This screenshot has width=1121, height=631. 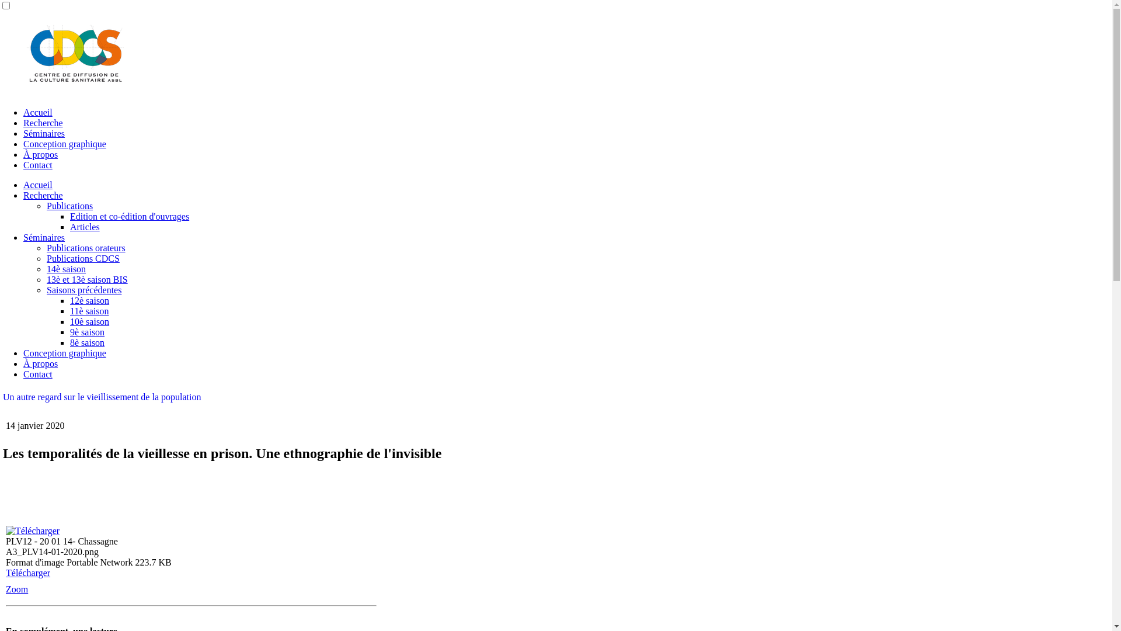 What do you see at coordinates (38, 184) in the screenshot?
I see `'Accueil'` at bounding box center [38, 184].